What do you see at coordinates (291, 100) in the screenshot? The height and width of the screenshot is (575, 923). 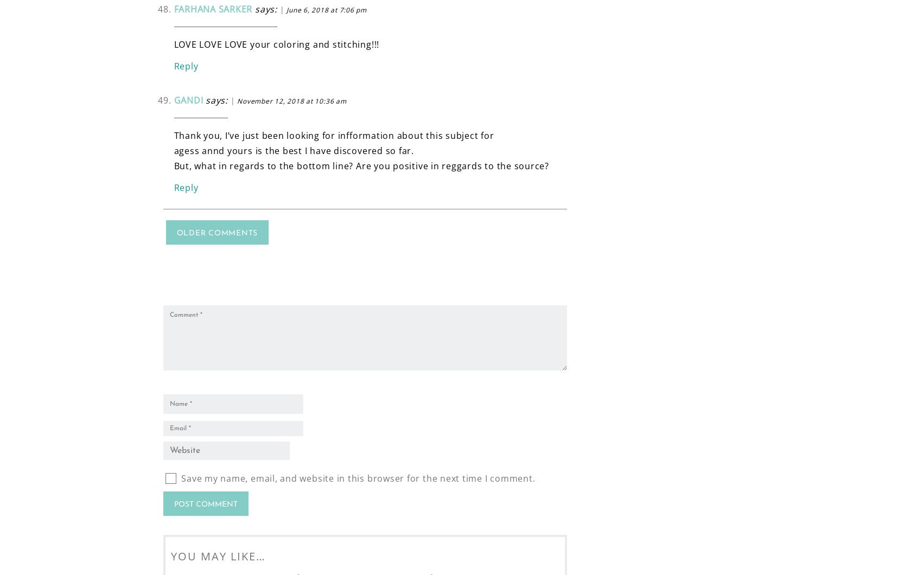 I see `'November 12, 2018 at 10:36 am'` at bounding box center [291, 100].